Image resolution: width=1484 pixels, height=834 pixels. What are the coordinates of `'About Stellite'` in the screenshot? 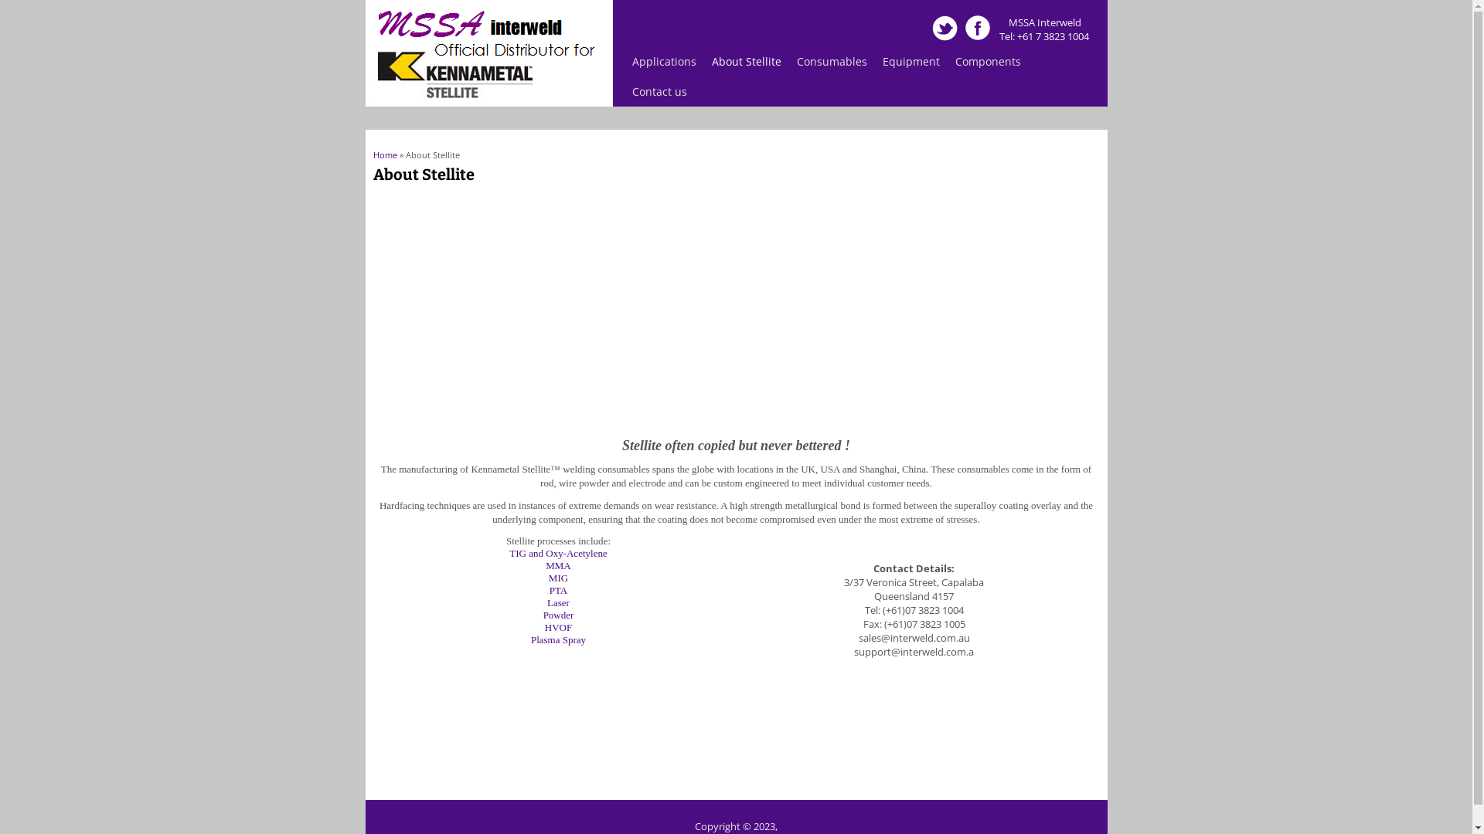 It's located at (703, 60).